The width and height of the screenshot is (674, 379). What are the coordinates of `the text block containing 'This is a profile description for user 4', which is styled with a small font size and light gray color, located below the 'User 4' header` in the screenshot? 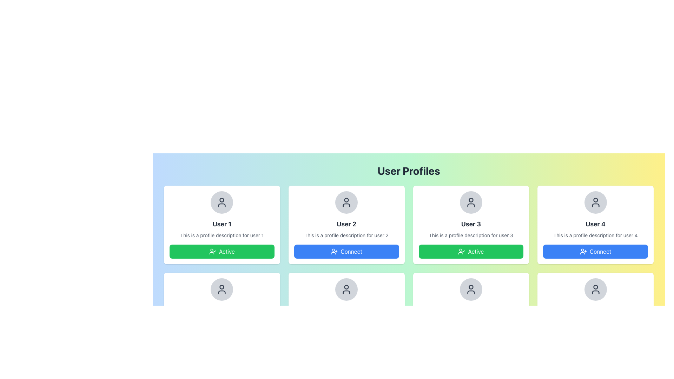 It's located at (595, 235).